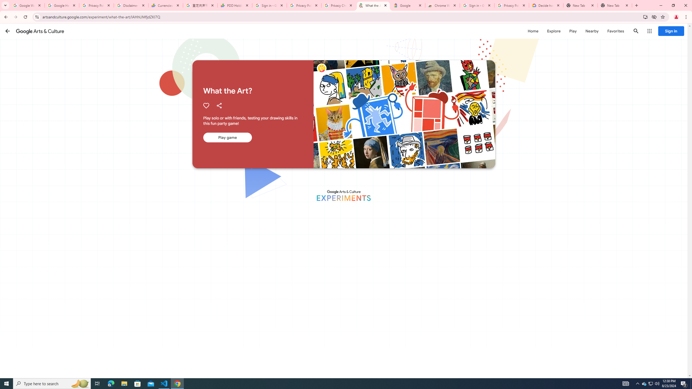 This screenshot has height=389, width=692. I want to click on 'Sign in - Google Accounts', so click(477, 5).